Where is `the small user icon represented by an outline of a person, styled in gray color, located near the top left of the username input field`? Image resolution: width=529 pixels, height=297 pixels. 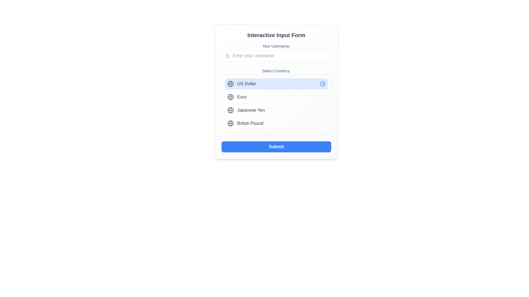 the small user icon represented by an outline of a person, styled in gray color, located near the top left of the username input field is located at coordinates (227, 56).